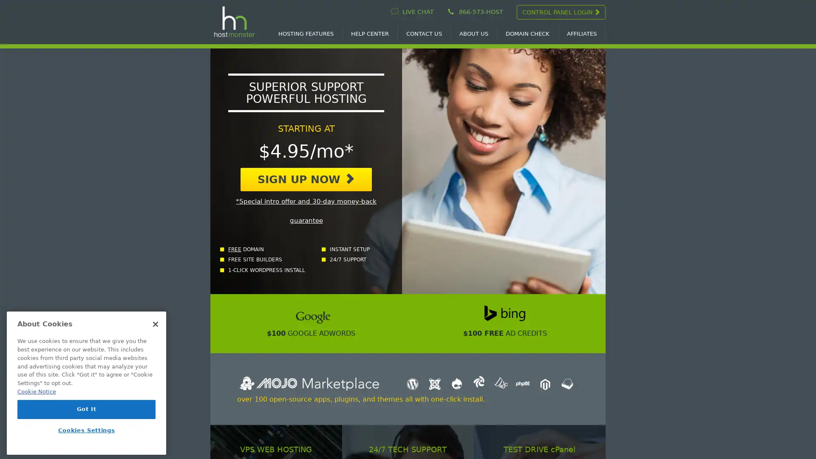 The image size is (816, 459). Describe the element at coordinates (86, 430) in the screenshot. I see `Cookies Settings` at that location.